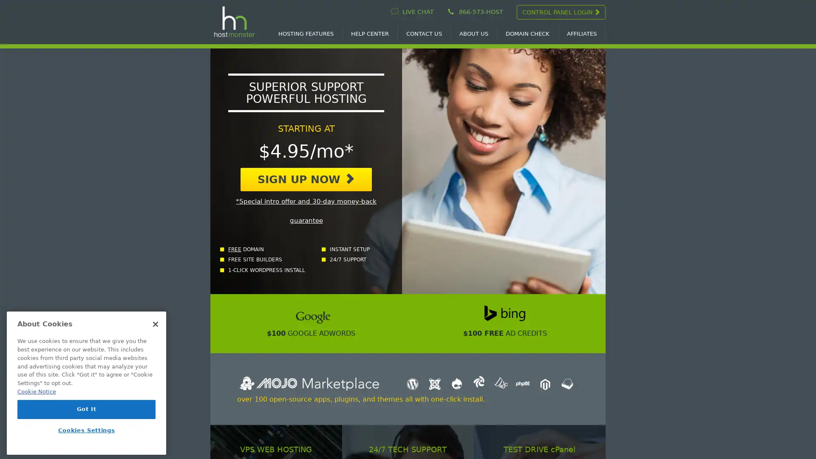 The image size is (816, 459). Describe the element at coordinates (86, 430) in the screenshot. I see `Cookies Settings` at that location.